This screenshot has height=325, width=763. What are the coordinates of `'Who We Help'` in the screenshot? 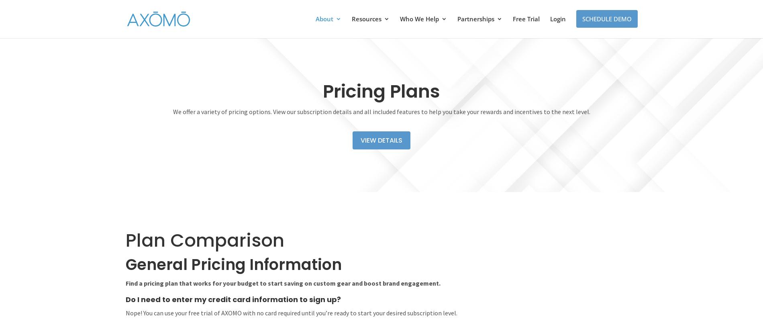 It's located at (419, 19).